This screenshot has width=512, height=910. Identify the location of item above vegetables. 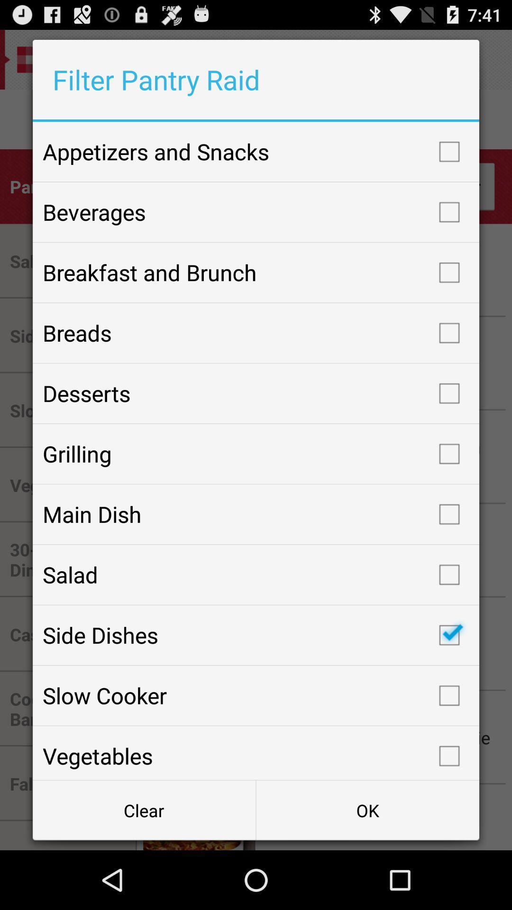
(256, 695).